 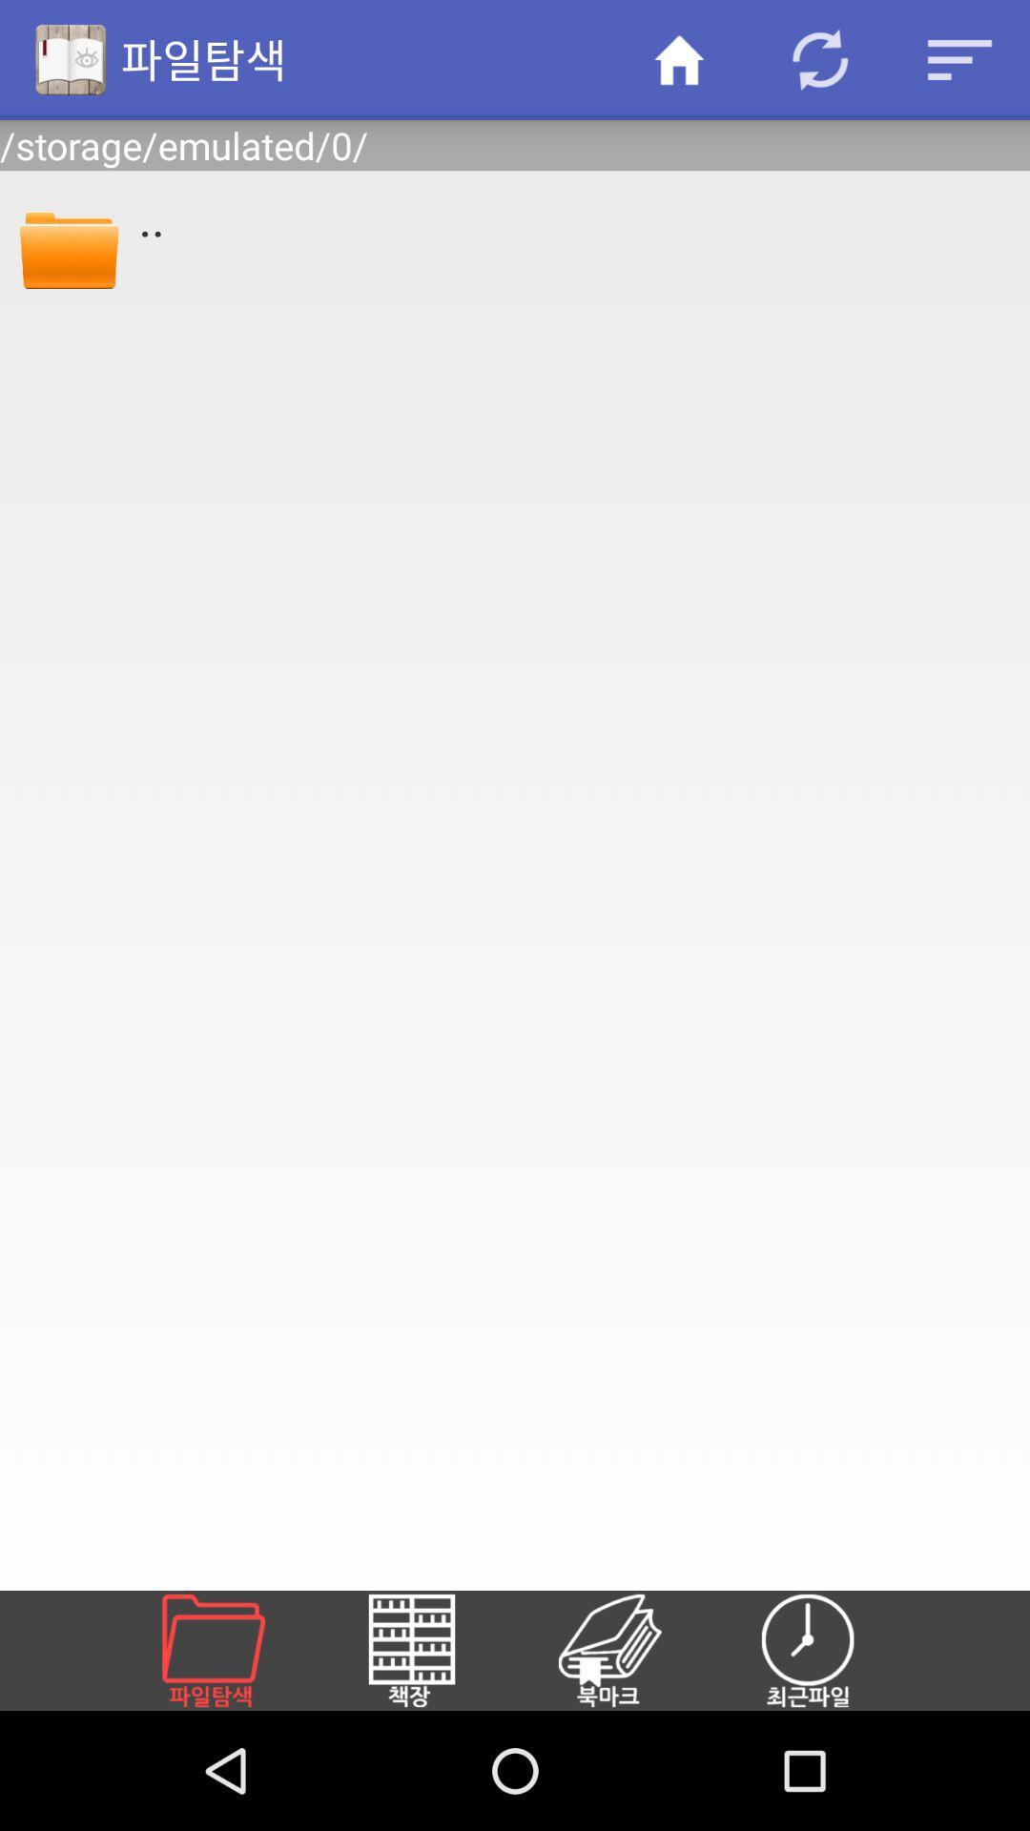 I want to click on files, so click(x=235, y=1650).